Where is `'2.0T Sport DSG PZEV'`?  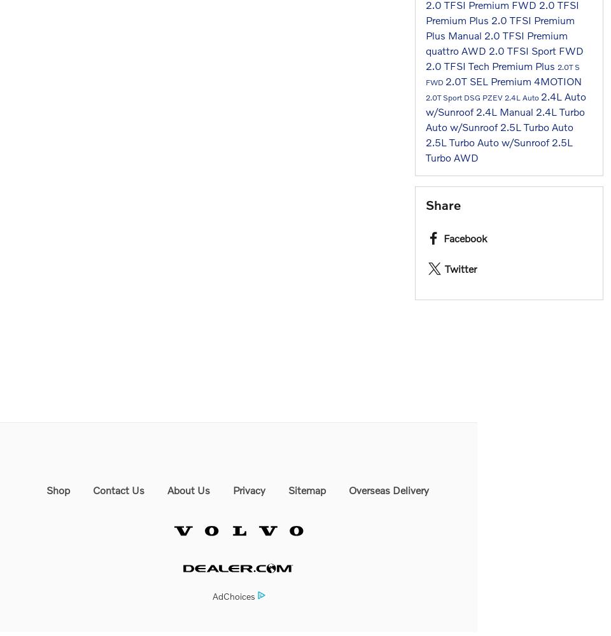
'2.0T Sport DSG PZEV' is located at coordinates (426, 97).